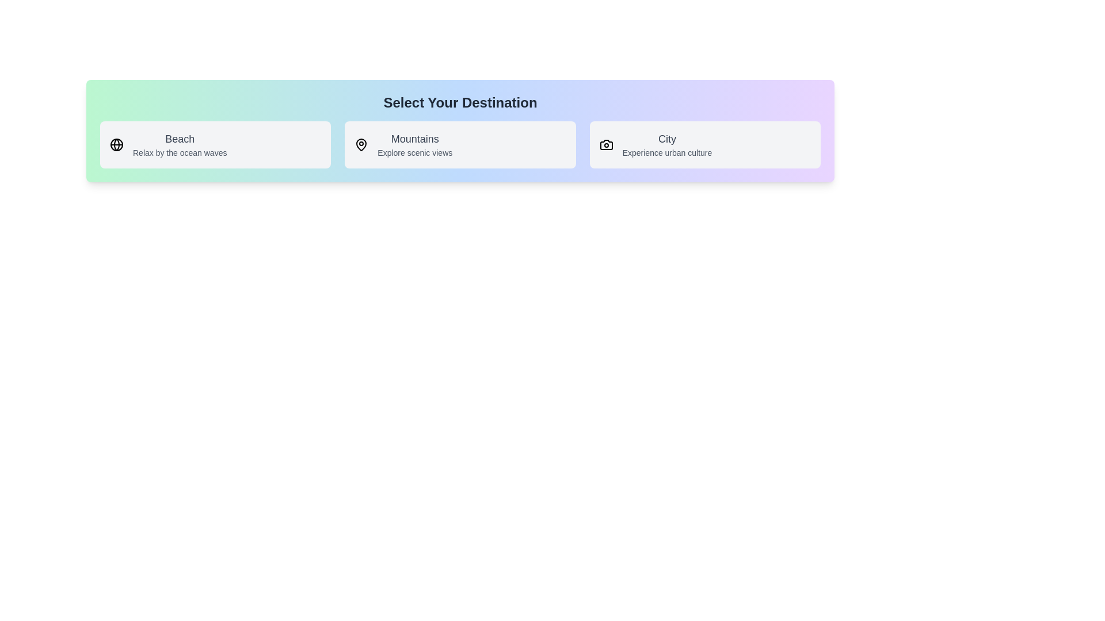 This screenshot has height=621, width=1105. What do you see at coordinates (605, 144) in the screenshot?
I see `the outer border of the camera shape illustration within the third selectable option labeled 'City' in the interface` at bounding box center [605, 144].